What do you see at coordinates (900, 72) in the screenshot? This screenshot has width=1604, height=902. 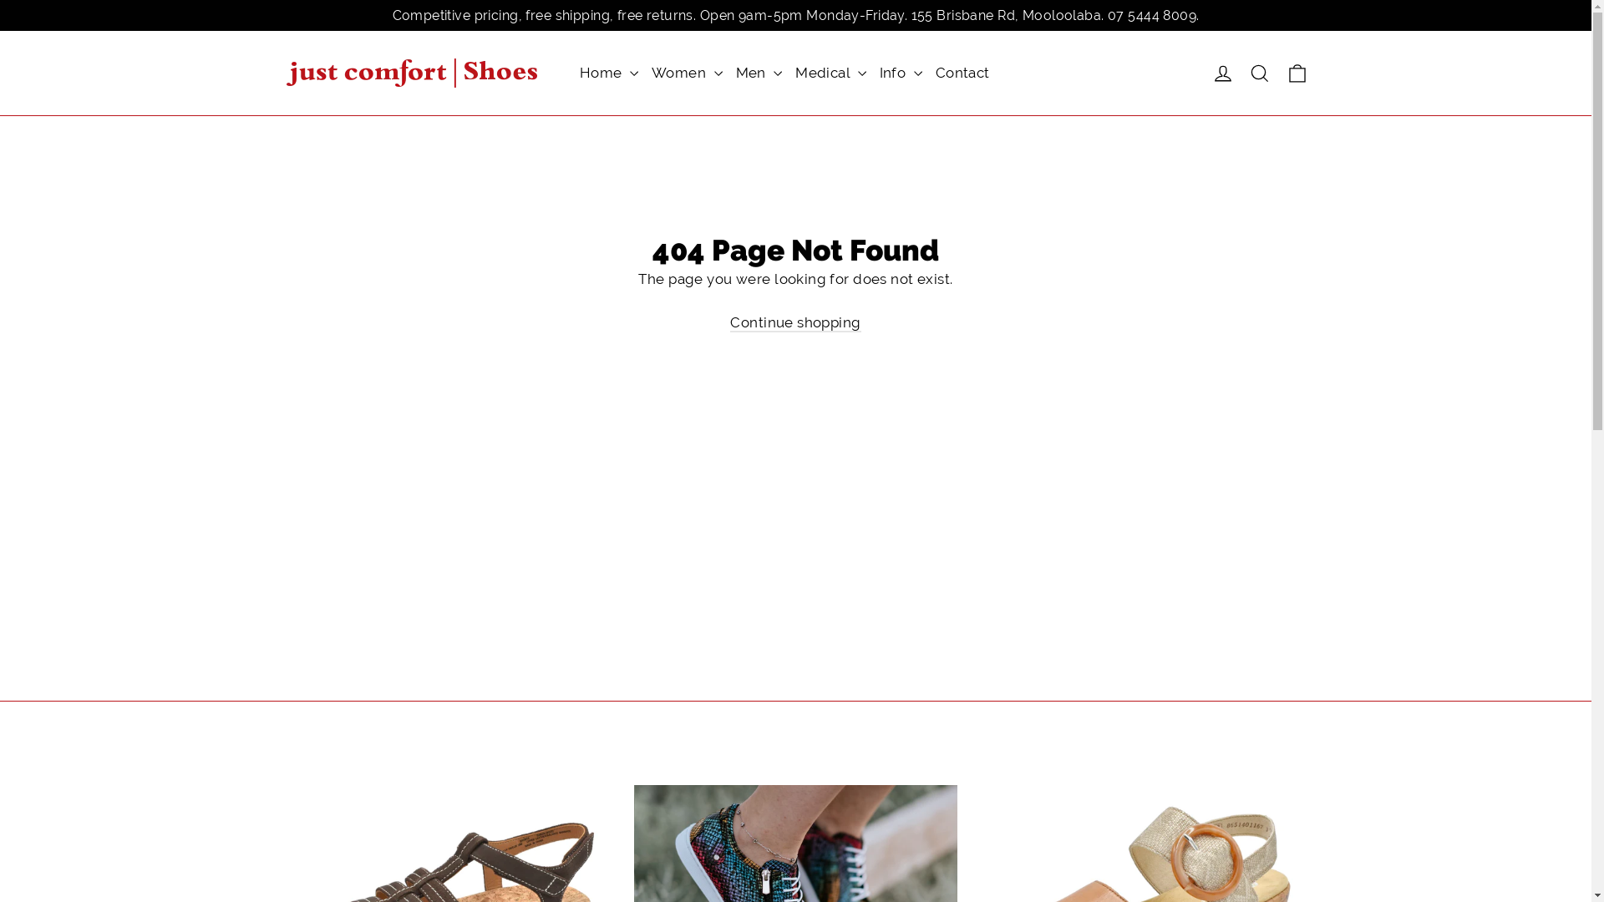 I see `'Info'` at bounding box center [900, 72].